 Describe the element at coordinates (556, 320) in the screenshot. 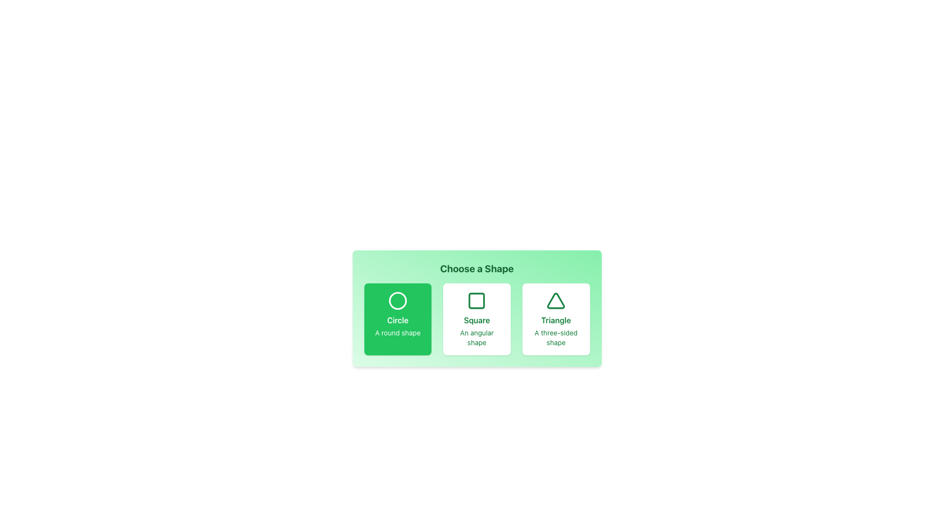

I see `the text element displaying 'Triangle' in bold green color, located in the rightmost card under the header 'Choose a Shape'` at that location.